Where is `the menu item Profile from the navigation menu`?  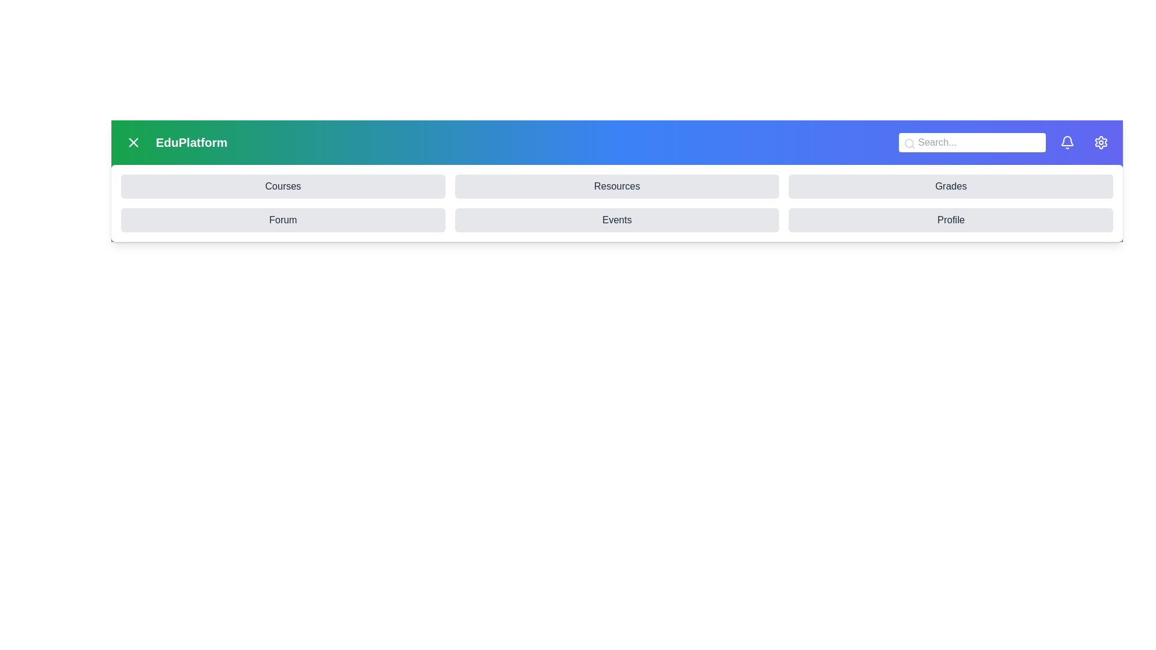 the menu item Profile from the navigation menu is located at coordinates (950, 220).